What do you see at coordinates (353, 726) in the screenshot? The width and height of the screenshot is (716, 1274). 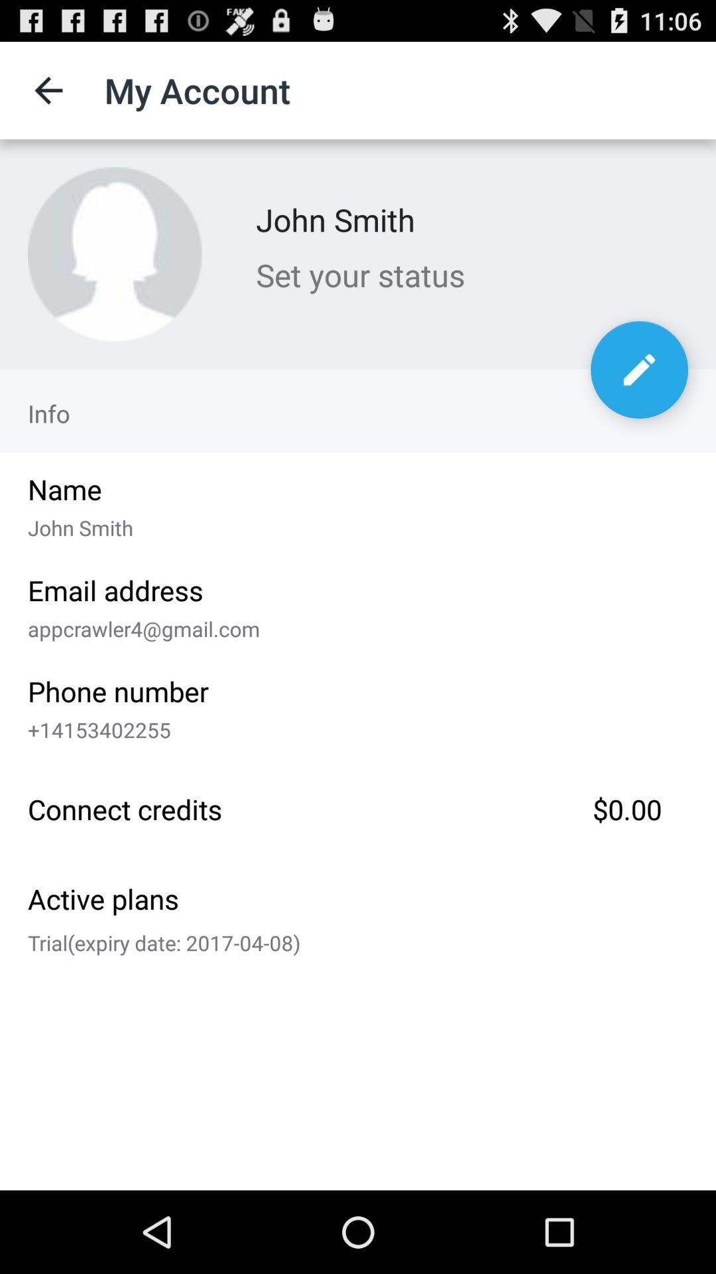 I see `the item above connect credits item` at bounding box center [353, 726].